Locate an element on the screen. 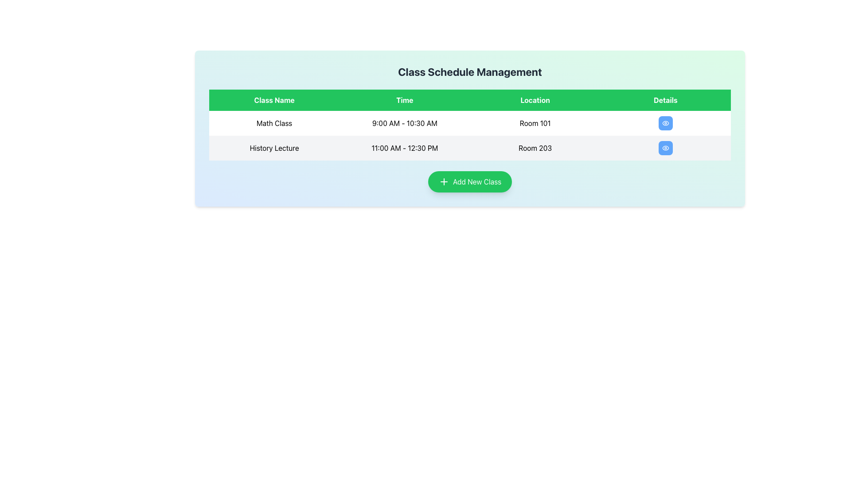 The image size is (851, 479). the text label 'Room 101' in the 'Location' column of the schedule table is located at coordinates (535, 123).